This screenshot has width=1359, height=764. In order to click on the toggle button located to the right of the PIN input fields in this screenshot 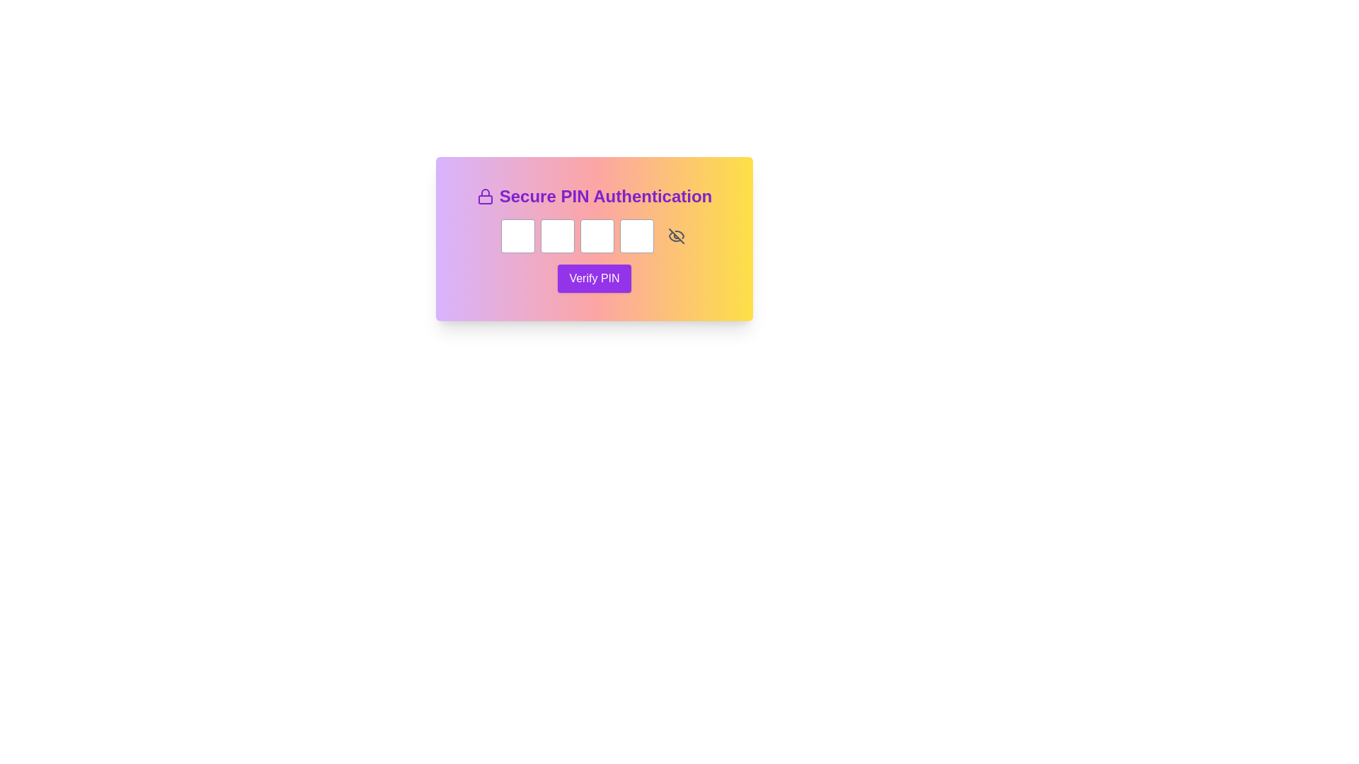, I will do `click(675, 236)`.